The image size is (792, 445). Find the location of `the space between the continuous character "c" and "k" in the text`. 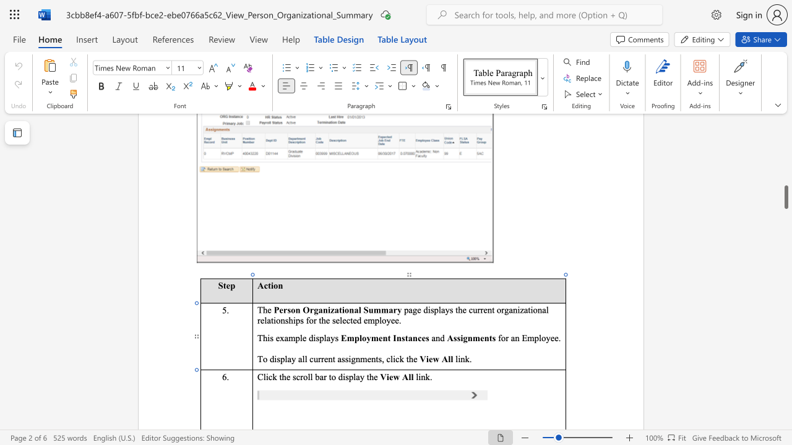

the space between the continuous character "c" and "k" in the text is located at coordinates (272, 376).